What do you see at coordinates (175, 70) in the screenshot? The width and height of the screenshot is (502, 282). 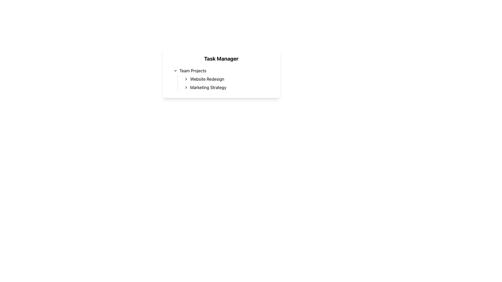 I see `the chevron icon located to the left of the 'Team Projects' label` at bounding box center [175, 70].